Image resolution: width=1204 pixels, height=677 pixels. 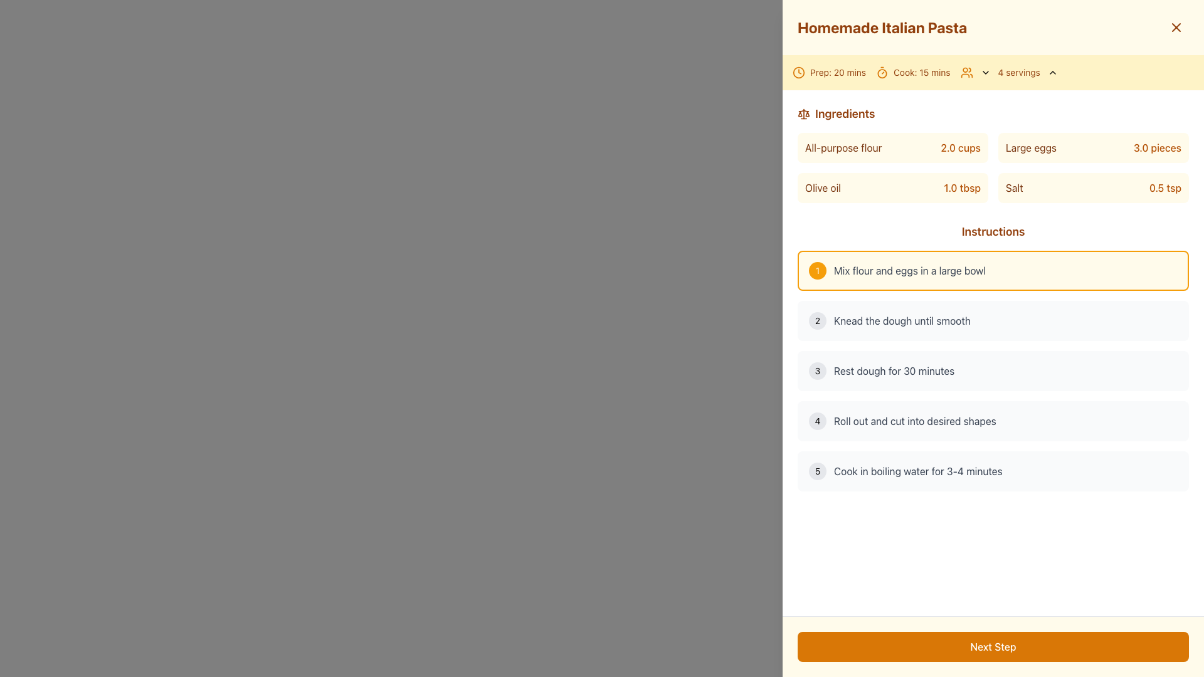 What do you see at coordinates (1031, 147) in the screenshot?
I see `the text label specifying 'Large eggs' in the Ingredients section of the recipe interface, located in the second column of the first row` at bounding box center [1031, 147].